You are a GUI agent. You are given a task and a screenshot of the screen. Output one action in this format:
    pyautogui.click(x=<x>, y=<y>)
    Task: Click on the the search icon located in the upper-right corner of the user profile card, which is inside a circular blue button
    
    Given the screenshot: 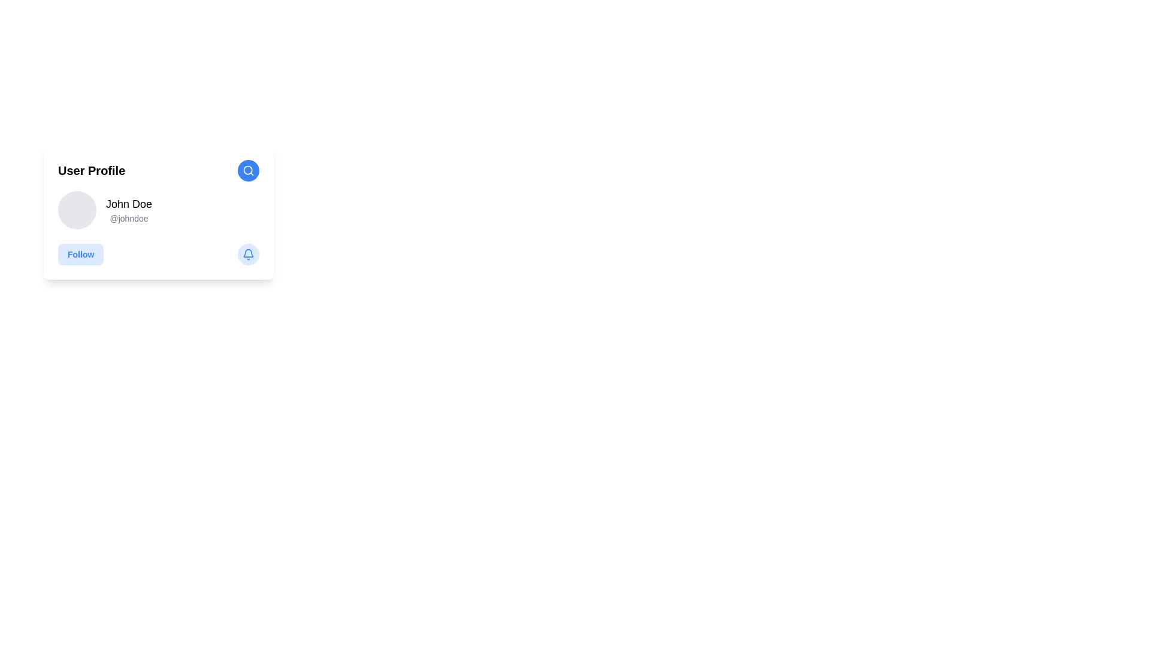 What is the action you would take?
    pyautogui.click(x=247, y=171)
    